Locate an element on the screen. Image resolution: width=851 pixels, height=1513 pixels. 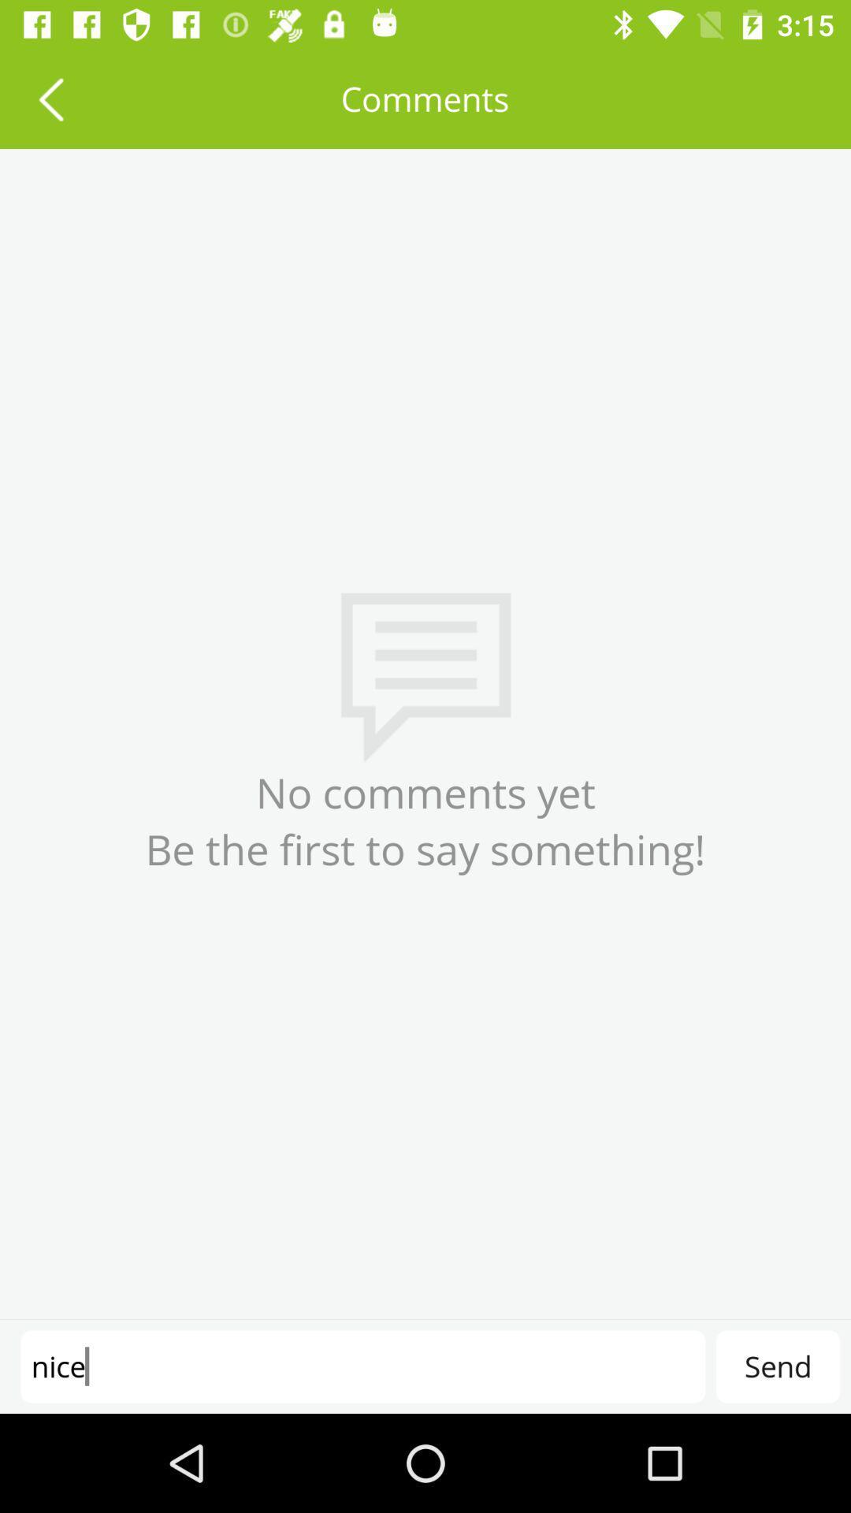
nice item is located at coordinates (362, 1366).